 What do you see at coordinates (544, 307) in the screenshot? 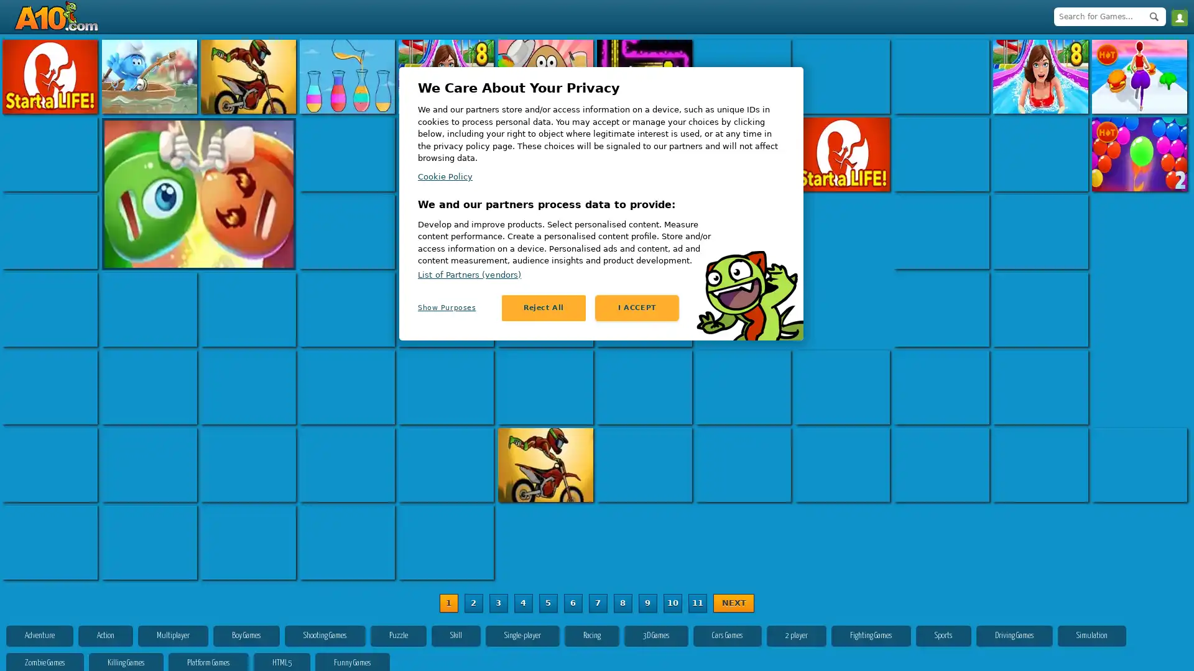
I see `Reject All` at bounding box center [544, 307].